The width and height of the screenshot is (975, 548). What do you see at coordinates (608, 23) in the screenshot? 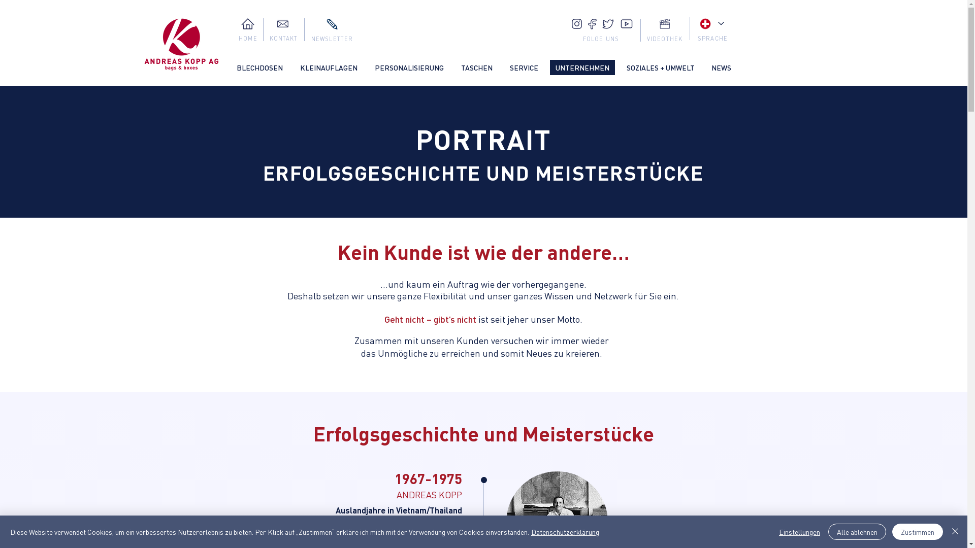
I see `'Twitter'` at bounding box center [608, 23].